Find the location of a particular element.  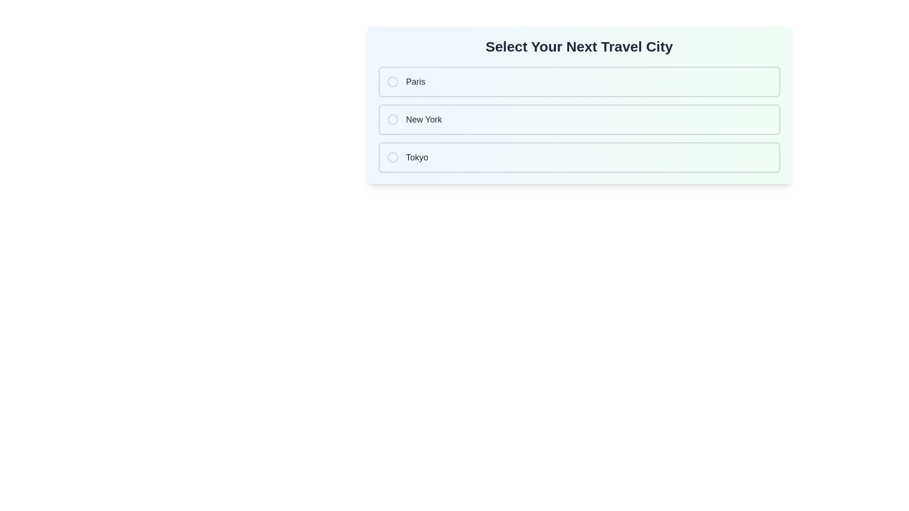

the static text label 'Paris' which is associated with the first radio button in the list titled 'Select Your Next Travel City' is located at coordinates (416, 81).